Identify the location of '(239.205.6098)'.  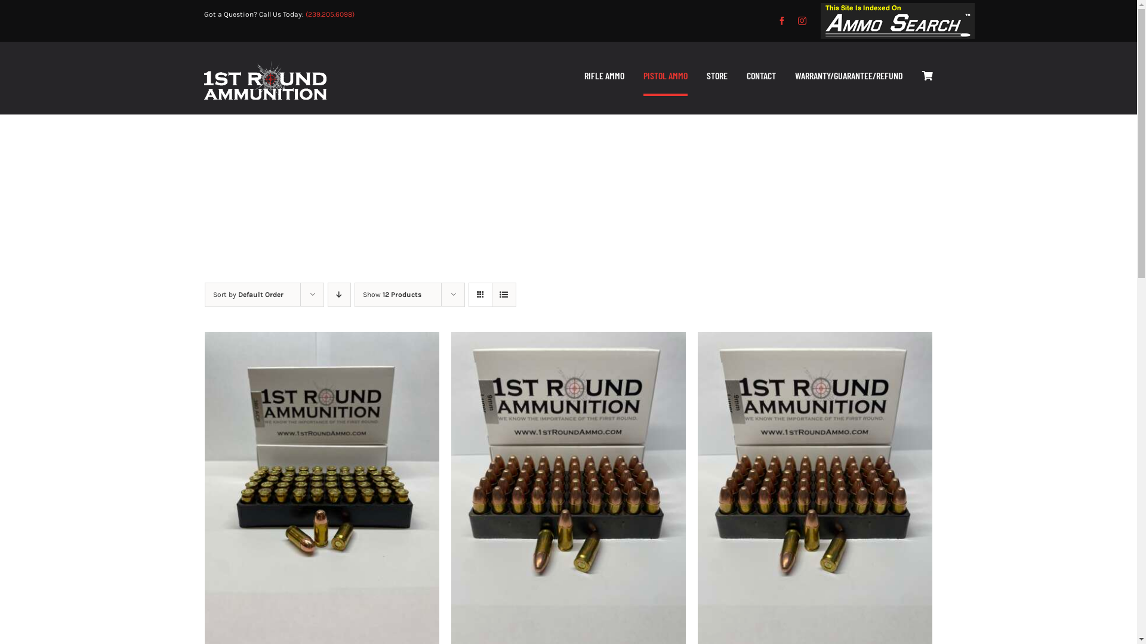
(329, 14).